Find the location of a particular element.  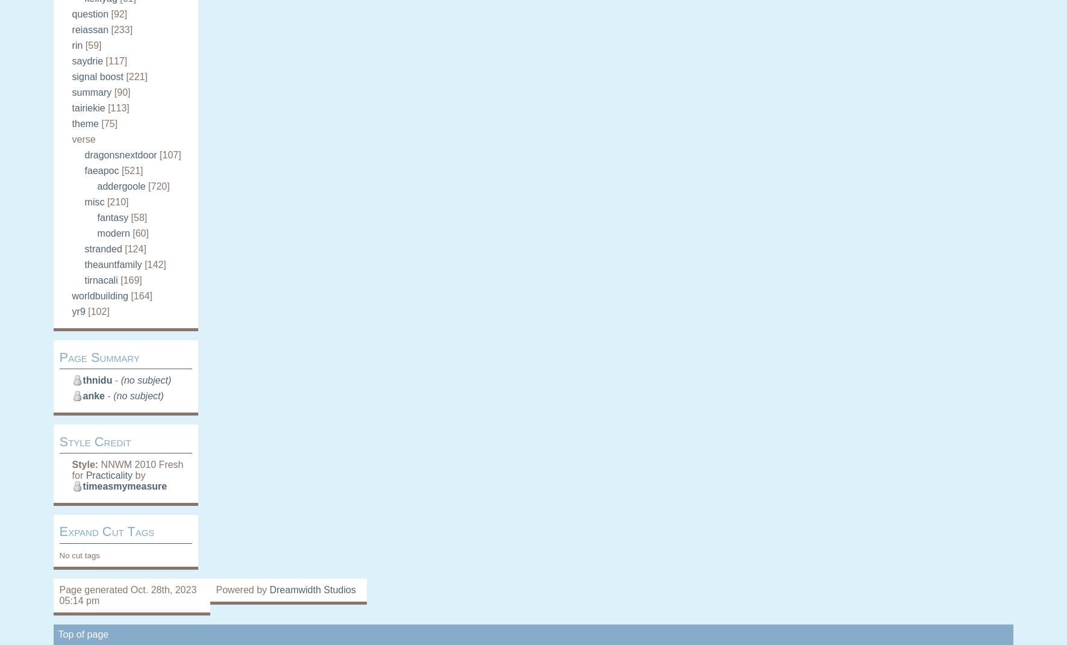

'by' is located at coordinates (139, 474).